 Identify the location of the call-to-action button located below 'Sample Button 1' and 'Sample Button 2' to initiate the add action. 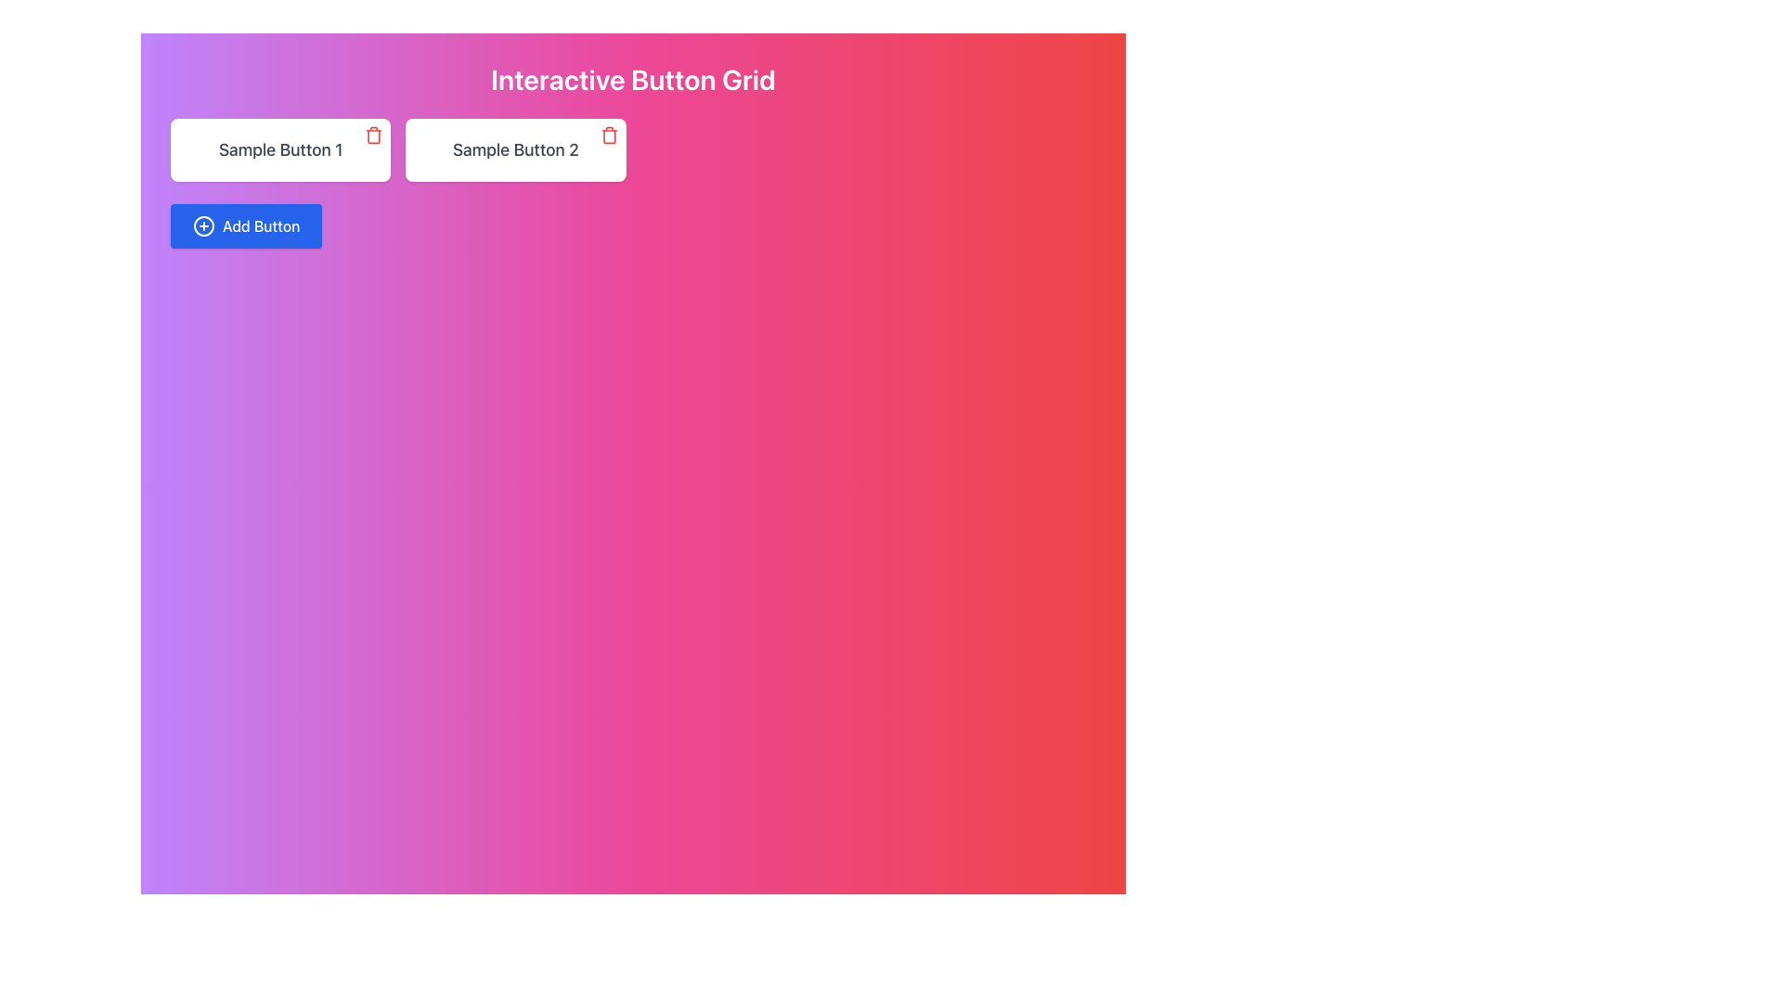
(244, 225).